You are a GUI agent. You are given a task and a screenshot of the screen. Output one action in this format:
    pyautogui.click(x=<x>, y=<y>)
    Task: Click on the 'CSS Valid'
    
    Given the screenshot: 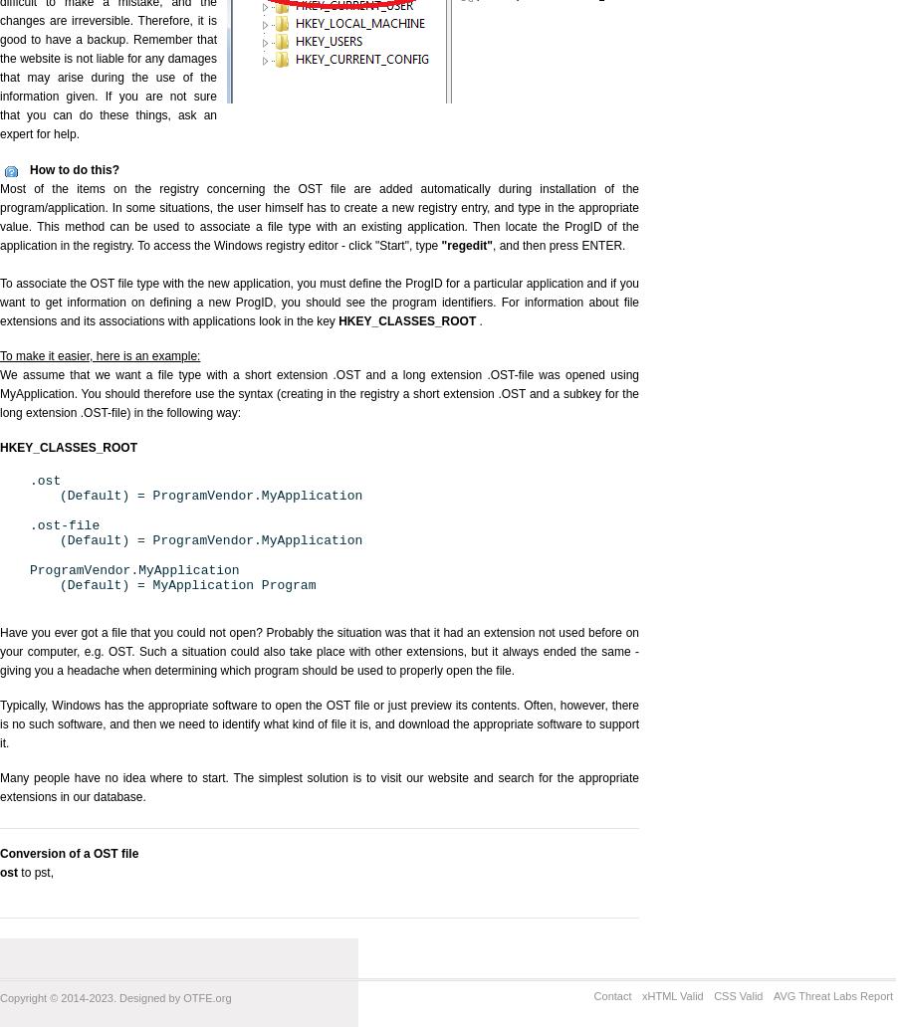 What is the action you would take?
    pyautogui.click(x=738, y=995)
    